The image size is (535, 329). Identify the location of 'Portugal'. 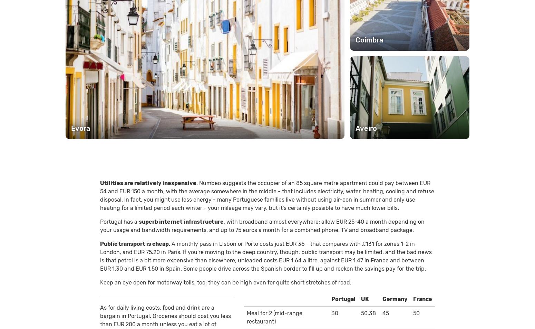
(343, 299).